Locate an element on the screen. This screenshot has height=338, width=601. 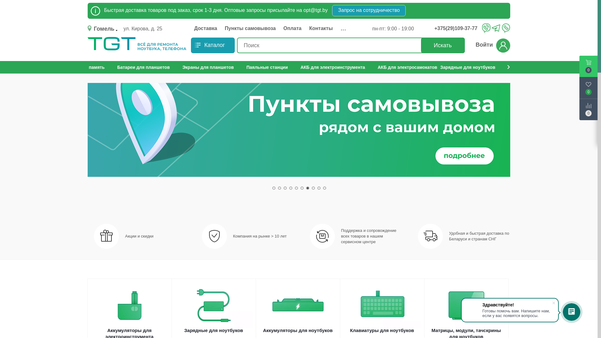
'3' is located at coordinates (285, 188).